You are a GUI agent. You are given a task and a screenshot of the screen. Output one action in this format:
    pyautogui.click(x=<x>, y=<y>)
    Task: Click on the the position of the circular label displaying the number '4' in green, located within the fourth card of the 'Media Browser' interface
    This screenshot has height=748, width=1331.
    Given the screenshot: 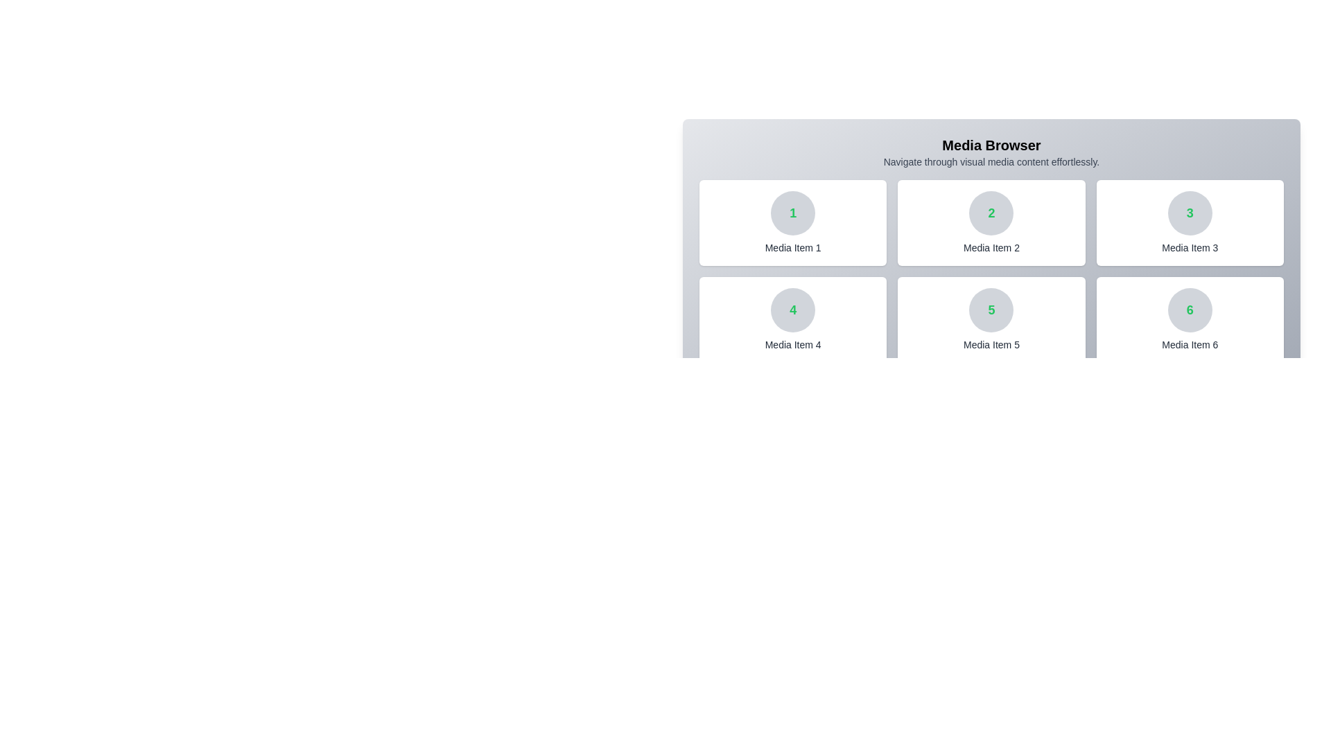 What is the action you would take?
    pyautogui.click(x=793, y=309)
    